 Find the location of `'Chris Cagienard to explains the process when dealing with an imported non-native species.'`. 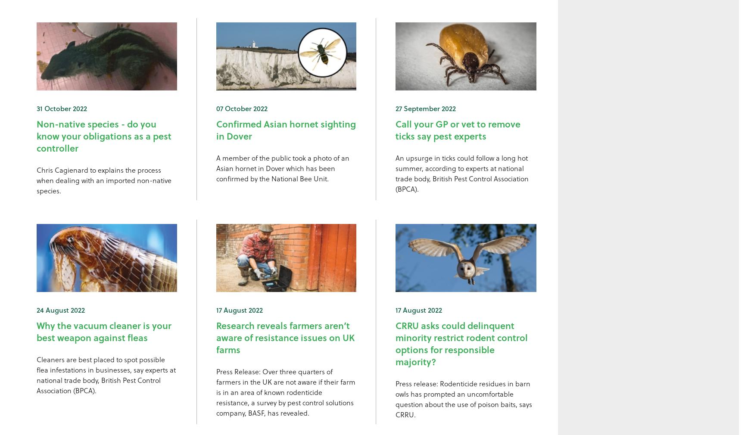

'Chris Cagienard to explains the process when dealing with an imported non-native species.' is located at coordinates (37, 180).